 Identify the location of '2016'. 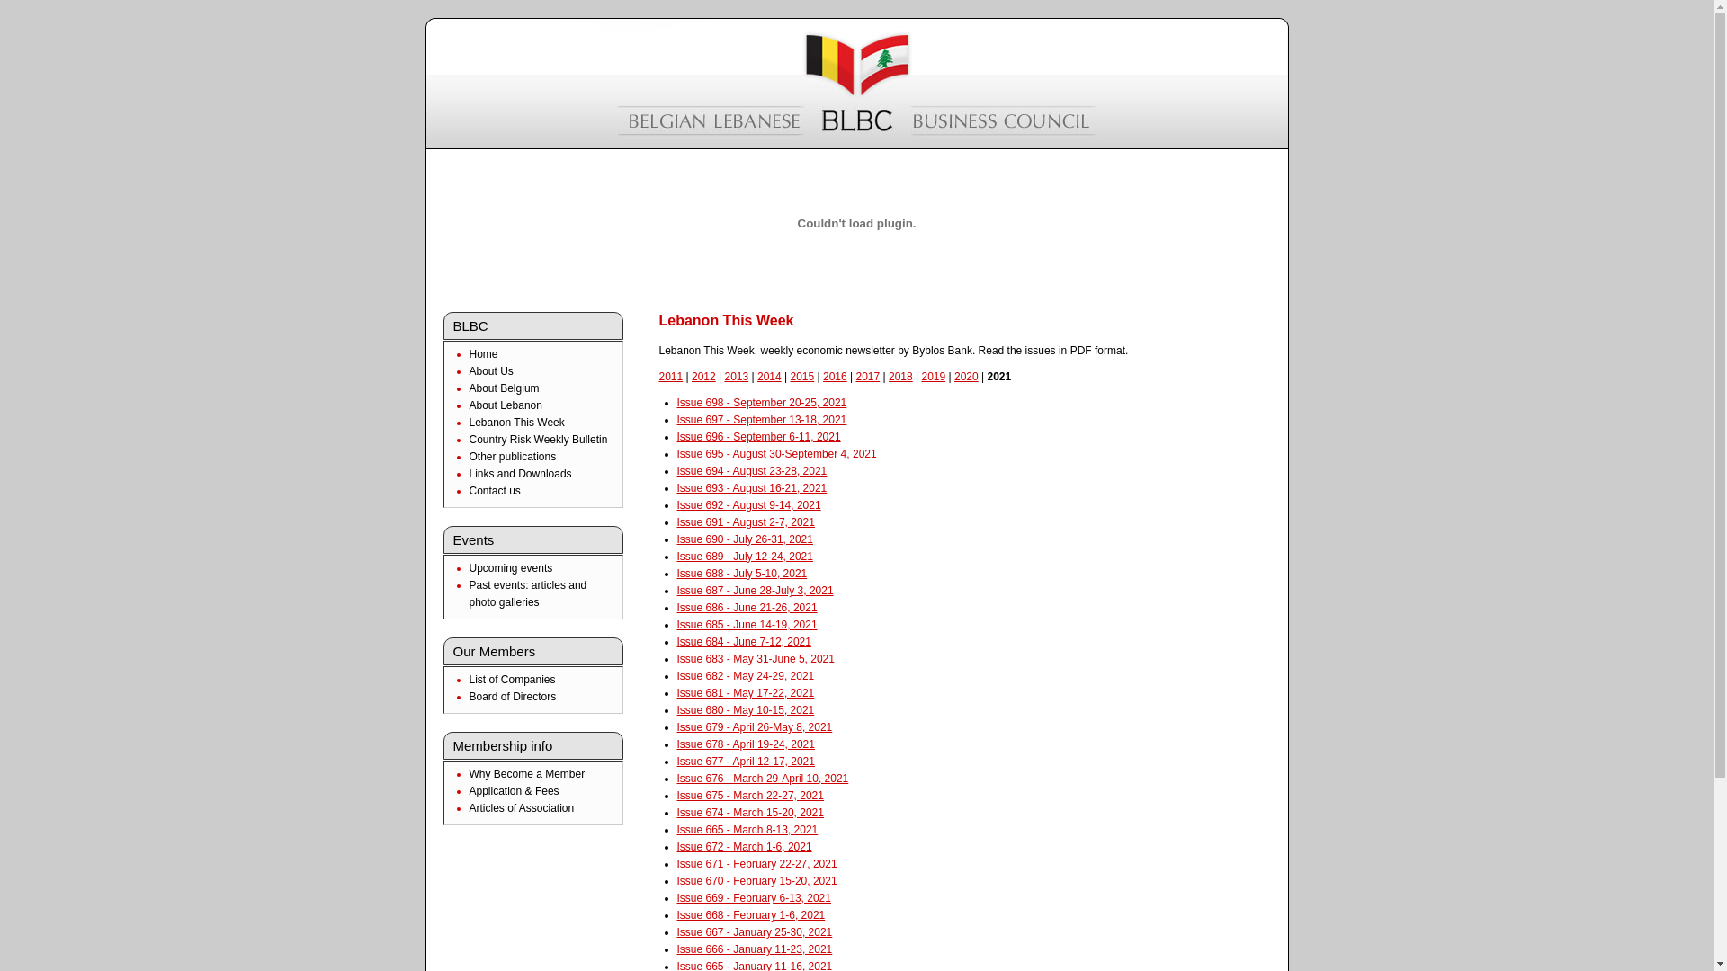
(834, 376).